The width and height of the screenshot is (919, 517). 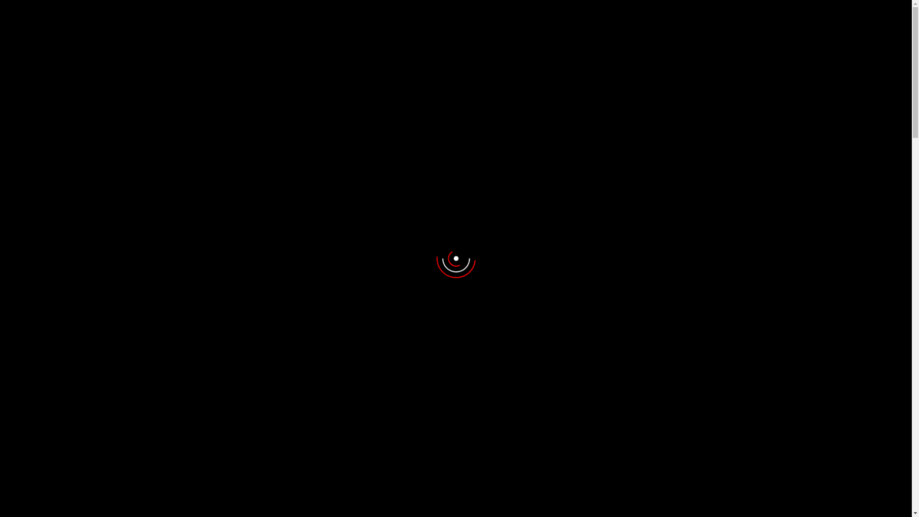 What do you see at coordinates (258, 9) in the screenshot?
I see `'01553-747757'` at bounding box center [258, 9].